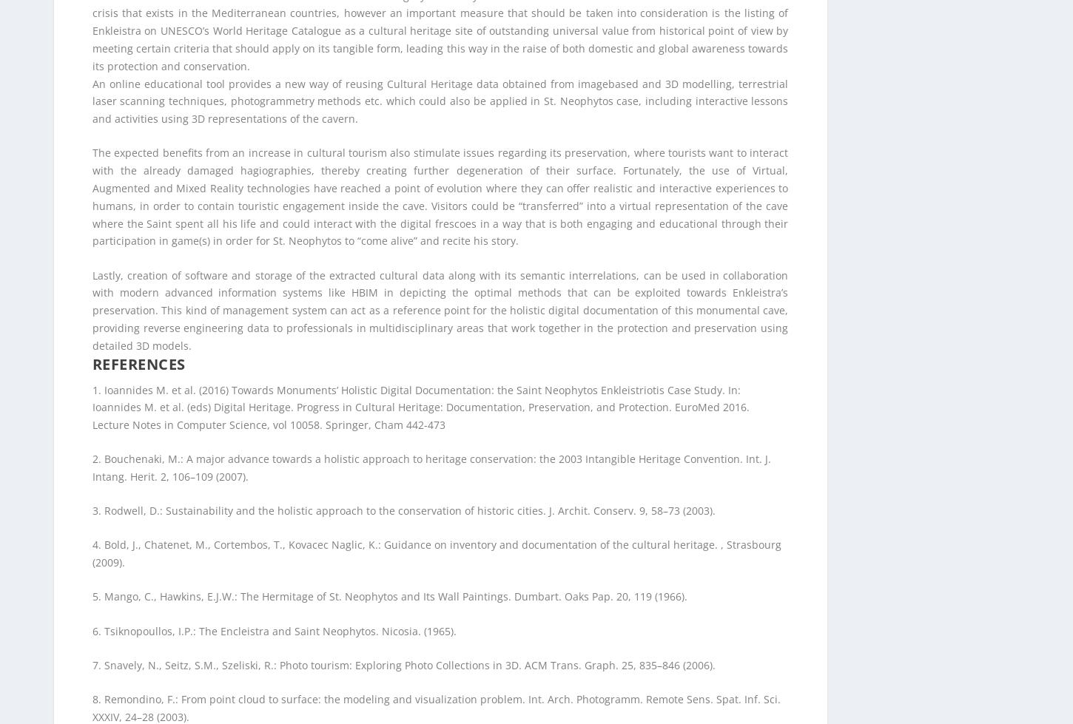 The image size is (1073, 724). Describe the element at coordinates (53, 606) in the screenshot. I see `'You must be'` at that location.